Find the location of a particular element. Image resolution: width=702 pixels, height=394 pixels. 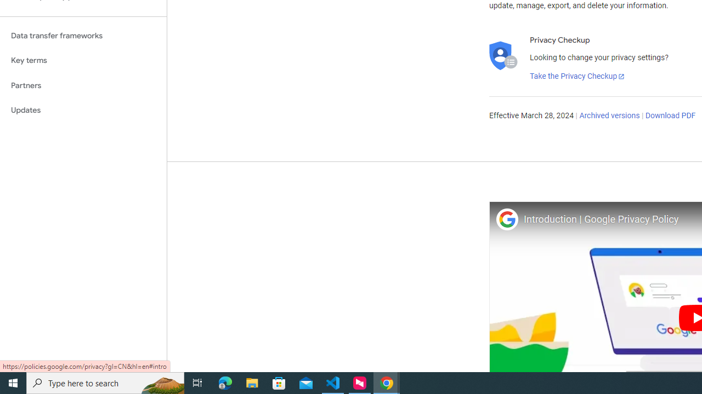

'Download PDF' is located at coordinates (670, 116).